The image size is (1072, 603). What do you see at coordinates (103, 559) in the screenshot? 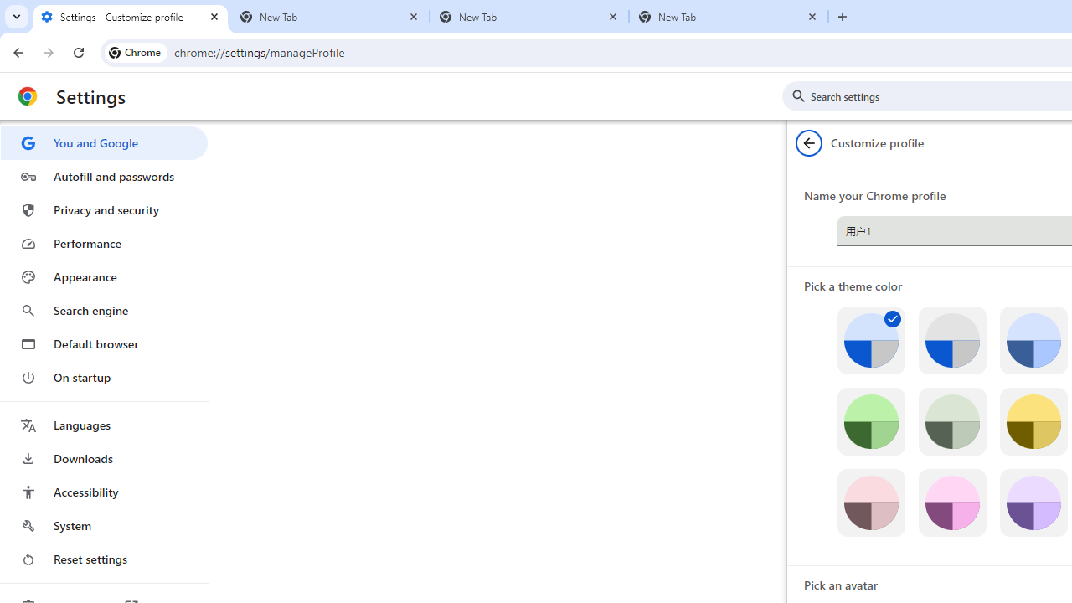
I see `'Reset settings'` at bounding box center [103, 559].